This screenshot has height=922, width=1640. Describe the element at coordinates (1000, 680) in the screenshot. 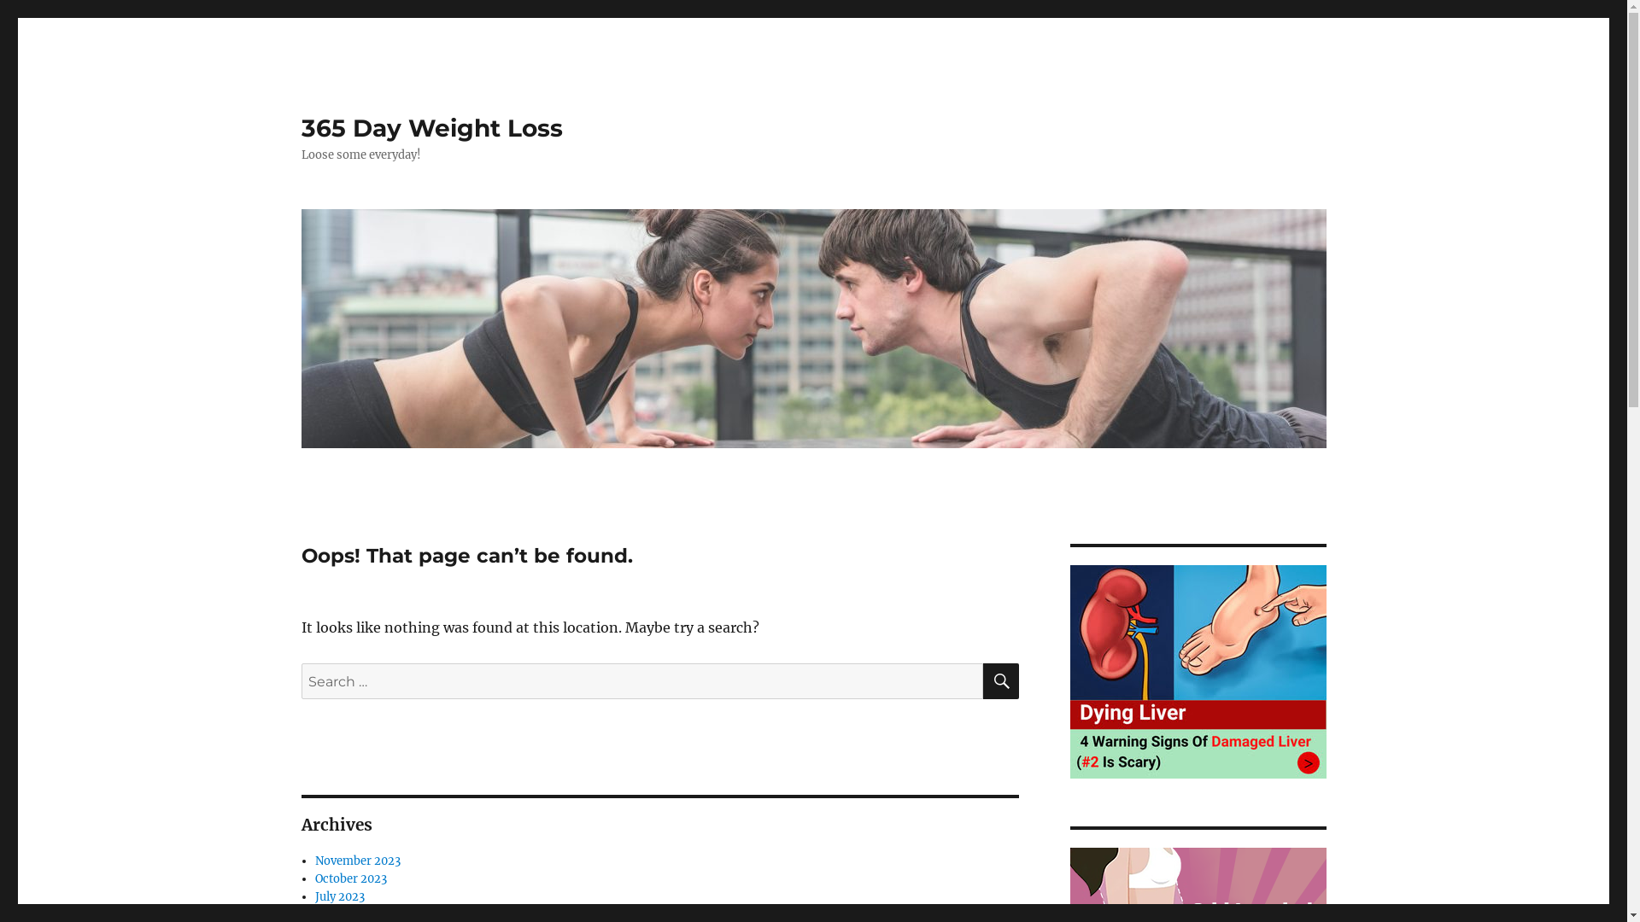

I see `'SEARCH'` at that location.